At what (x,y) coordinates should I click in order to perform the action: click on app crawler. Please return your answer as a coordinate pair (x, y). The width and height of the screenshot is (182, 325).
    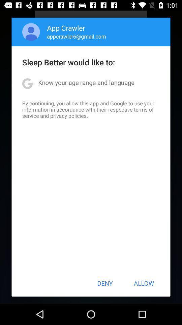
    Looking at the image, I should click on (66, 28).